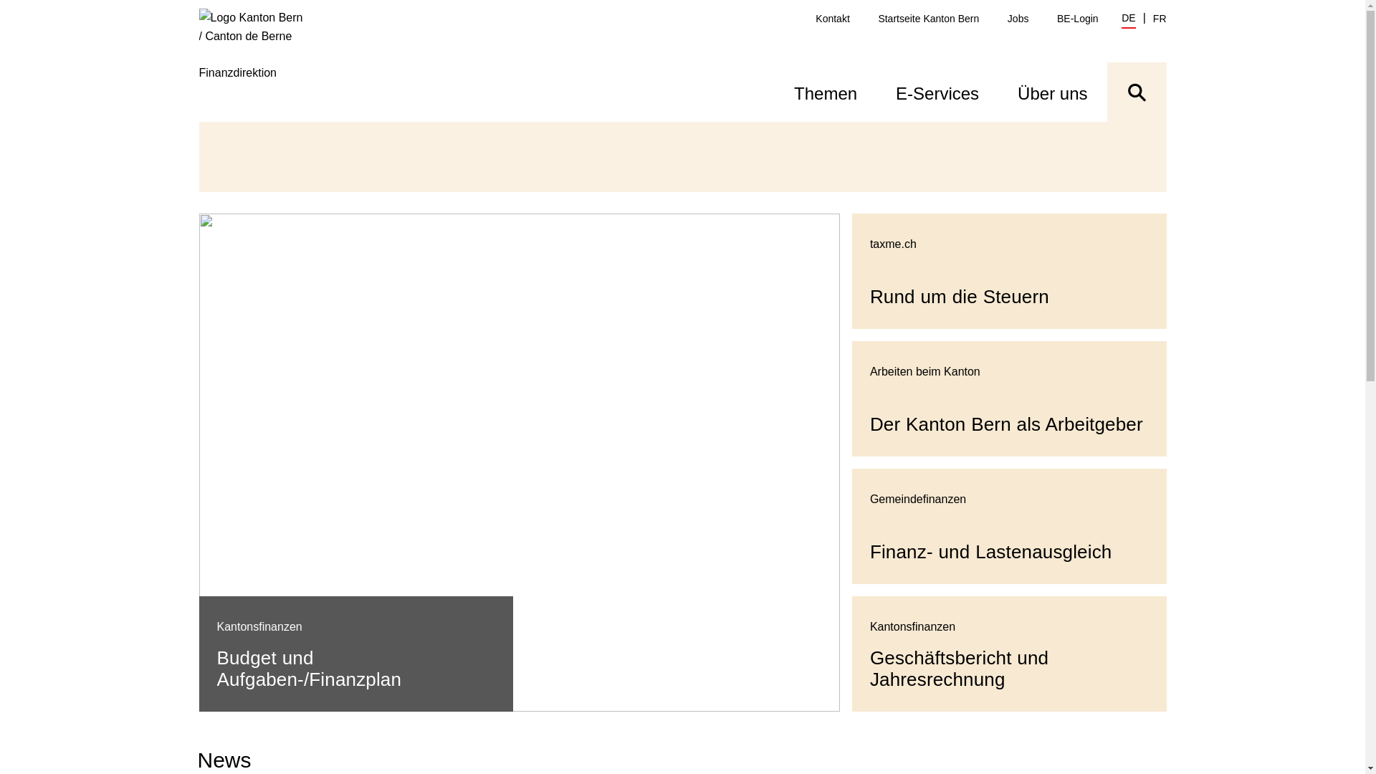 This screenshot has width=1376, height=774. What do you see at coordinates (937, 92) in the screenshot?
I see `'E-Services'` at bounding box center [937, 92].